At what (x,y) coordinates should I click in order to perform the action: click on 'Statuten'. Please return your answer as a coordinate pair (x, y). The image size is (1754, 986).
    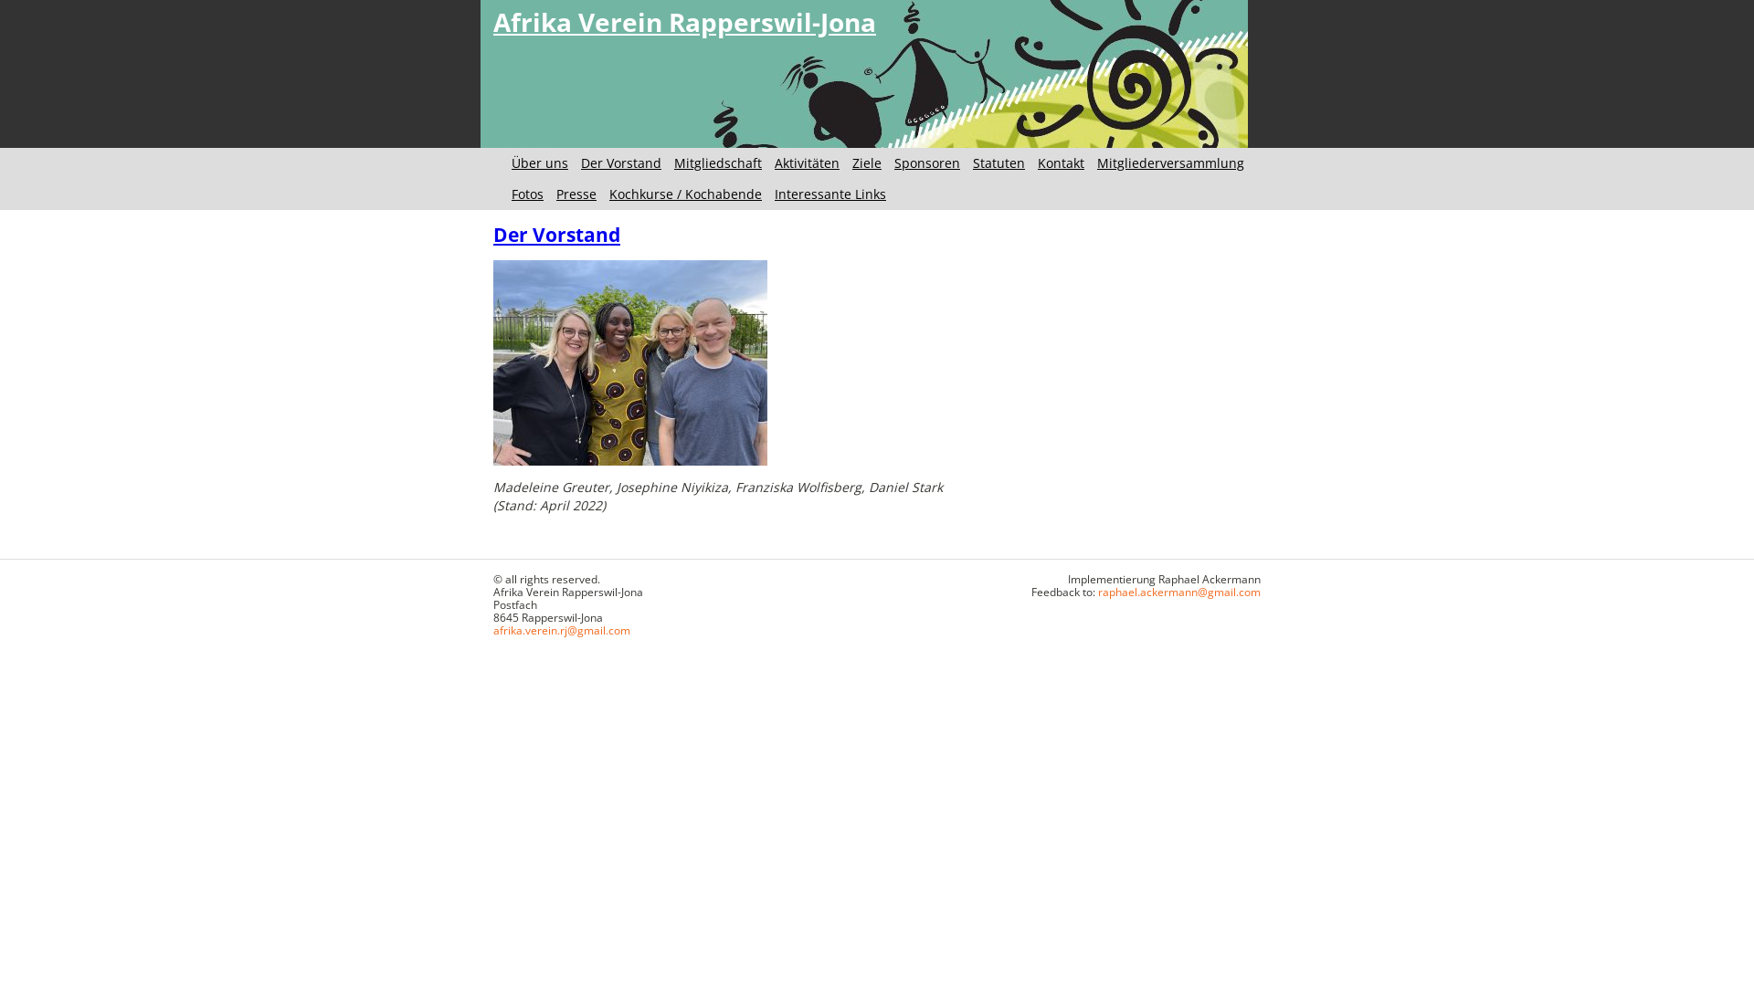
    Looking at the image, I should click on (998, 162).